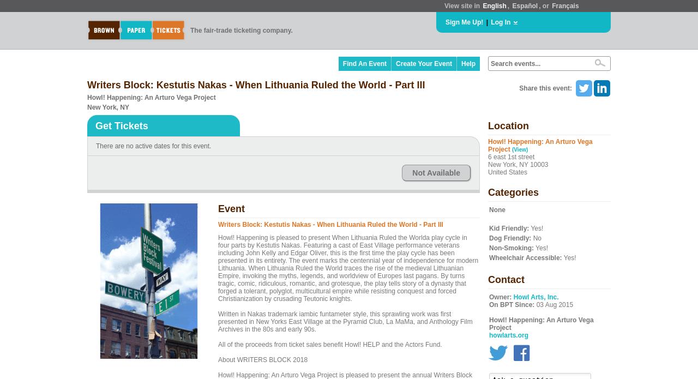  I want to click on 'howlarts.org', so click(508, 335).